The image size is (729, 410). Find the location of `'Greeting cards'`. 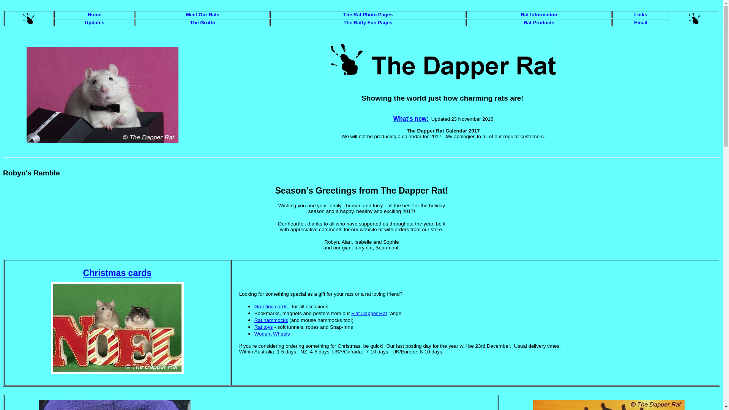

'Greeting cards' is located at coordinates (271, 306).